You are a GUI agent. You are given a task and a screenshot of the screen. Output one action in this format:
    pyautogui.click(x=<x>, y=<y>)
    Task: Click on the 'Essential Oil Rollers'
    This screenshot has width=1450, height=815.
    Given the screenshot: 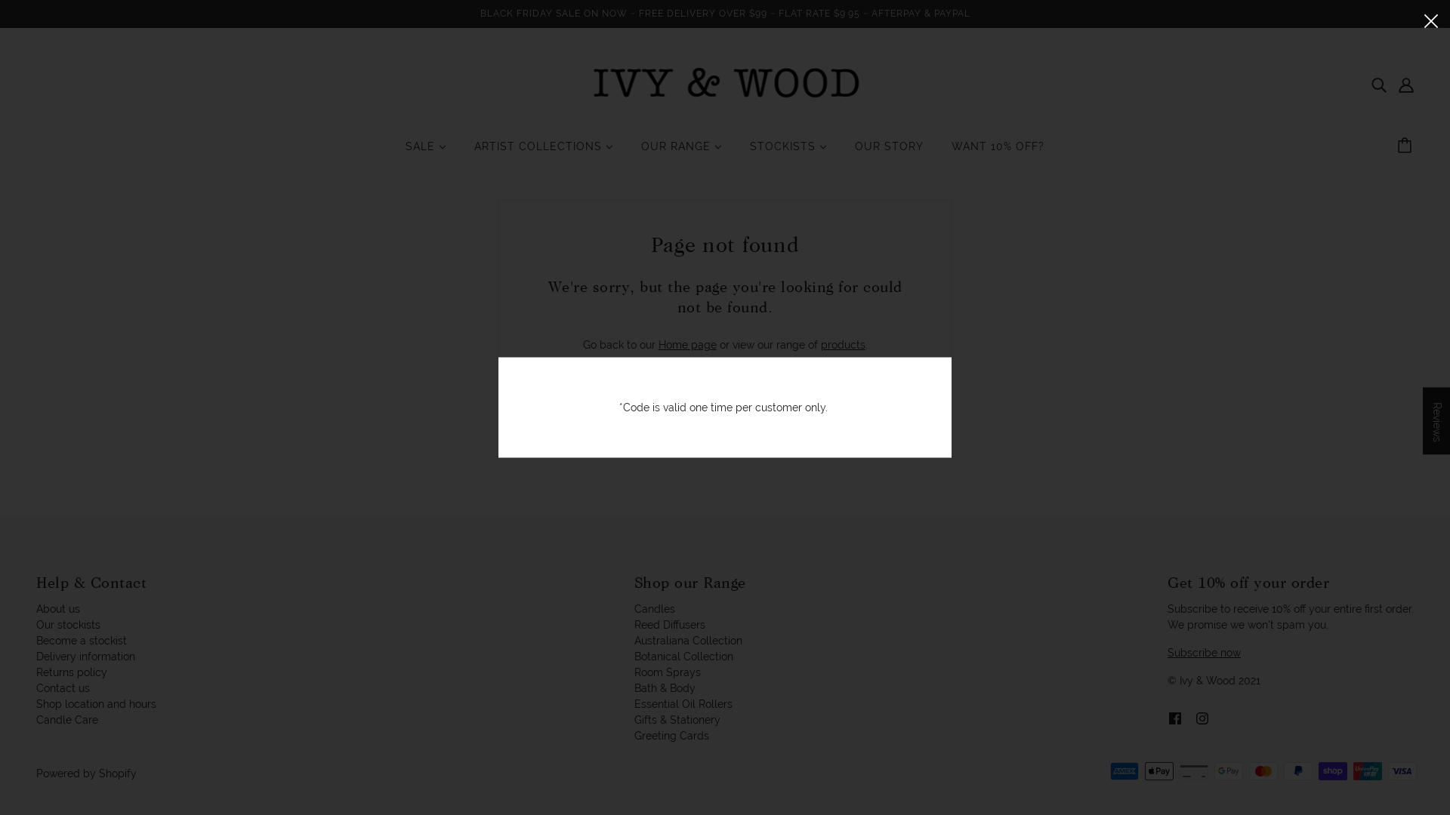 What is the action you would take?
    pyautogui.click(x=683, y=703)
    